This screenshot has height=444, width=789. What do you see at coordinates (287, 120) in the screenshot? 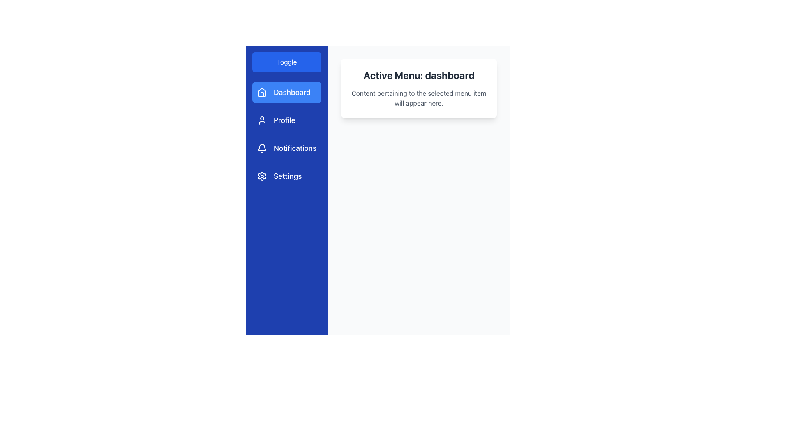
I see `the 'Profile' button, which has a blue background, a user silhouette icon on the left, and white text on the right` at bounding box center [287, 120].